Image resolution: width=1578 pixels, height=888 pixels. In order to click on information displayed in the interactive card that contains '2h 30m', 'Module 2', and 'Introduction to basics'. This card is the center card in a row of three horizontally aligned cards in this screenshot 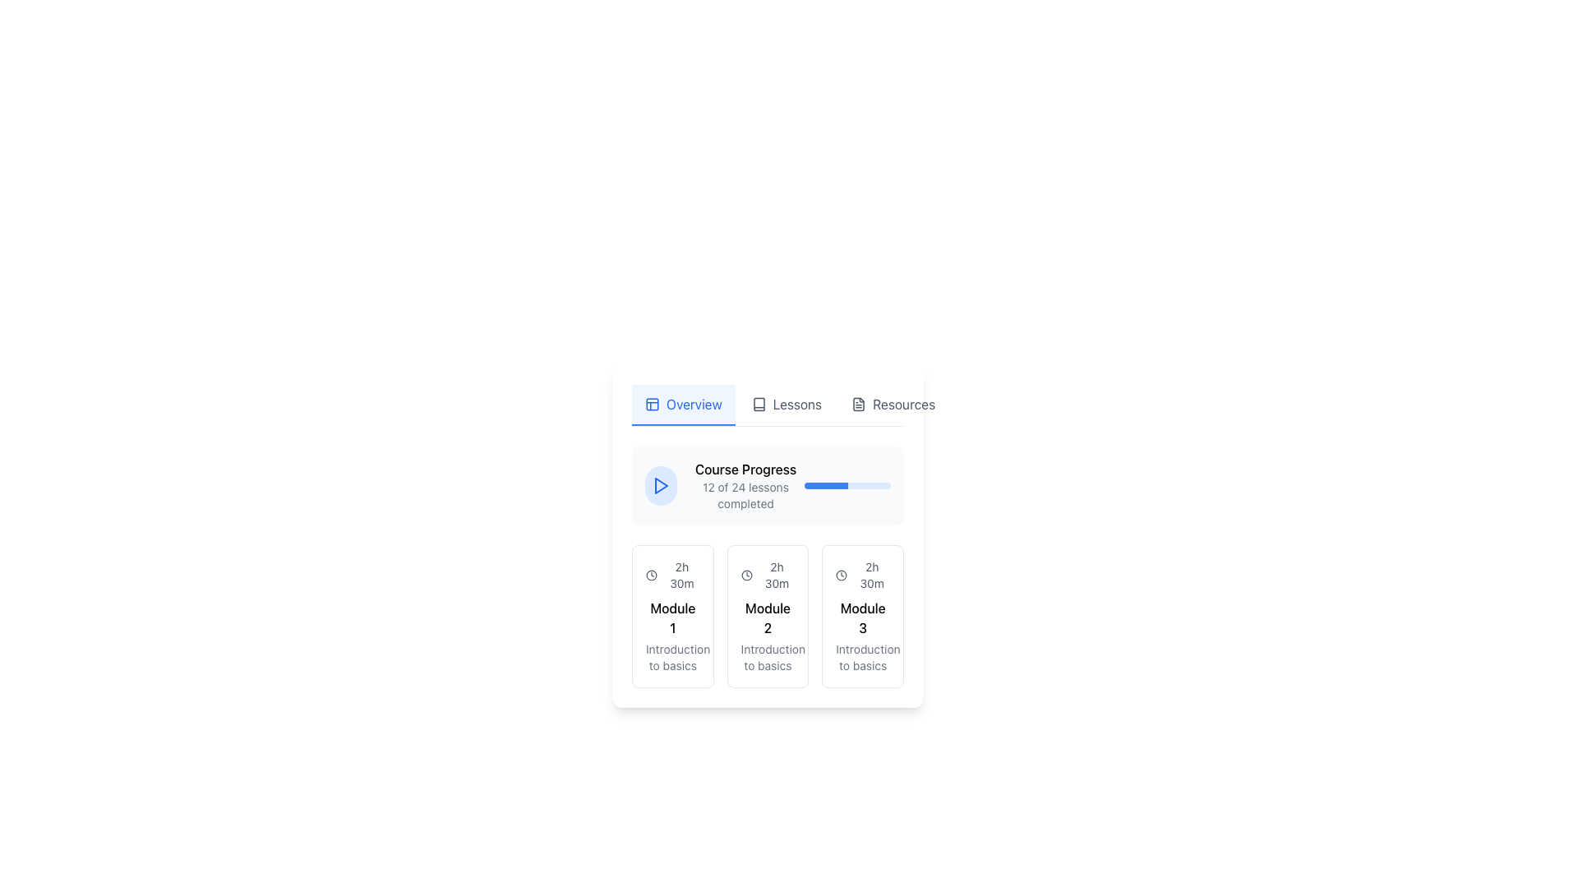, I will do `click(767, 616)`.